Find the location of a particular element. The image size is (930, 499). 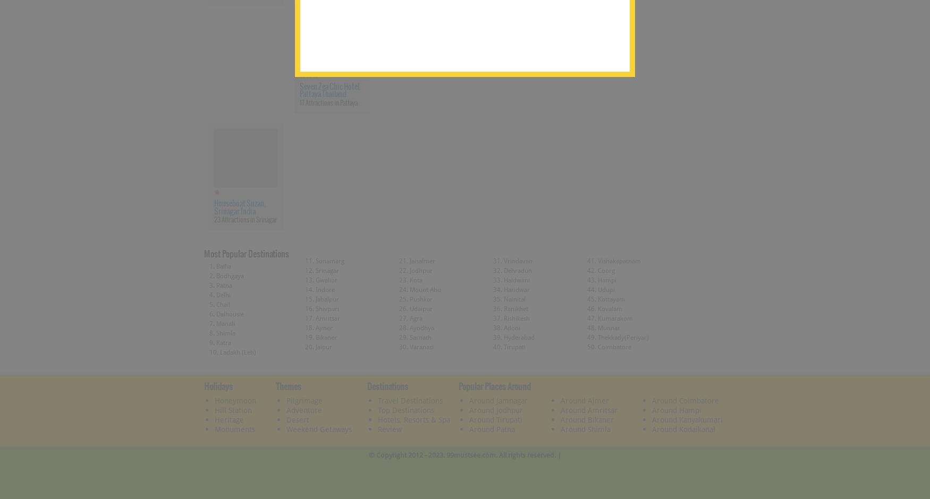

'Holidays' is located at coordinates (203, 386).